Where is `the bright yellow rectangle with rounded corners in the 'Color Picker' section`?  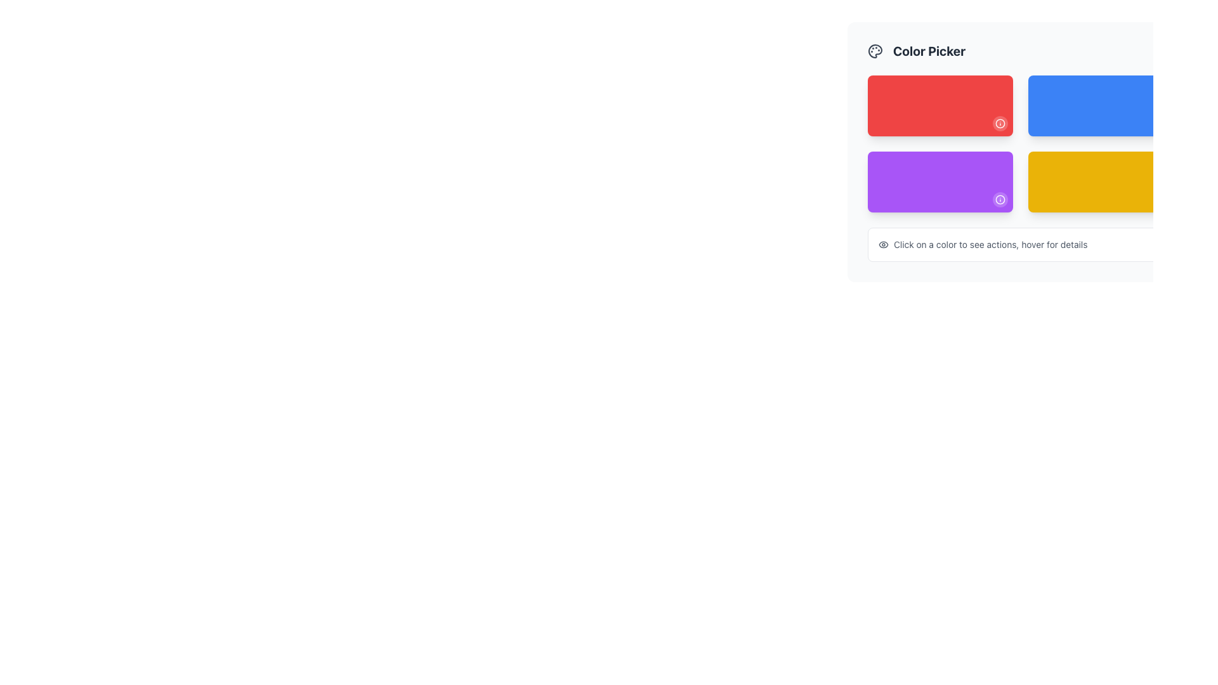
the bright yellow rectangle with rounded corners in the 'Color Picker' section is located at coordinates (1101, 181).